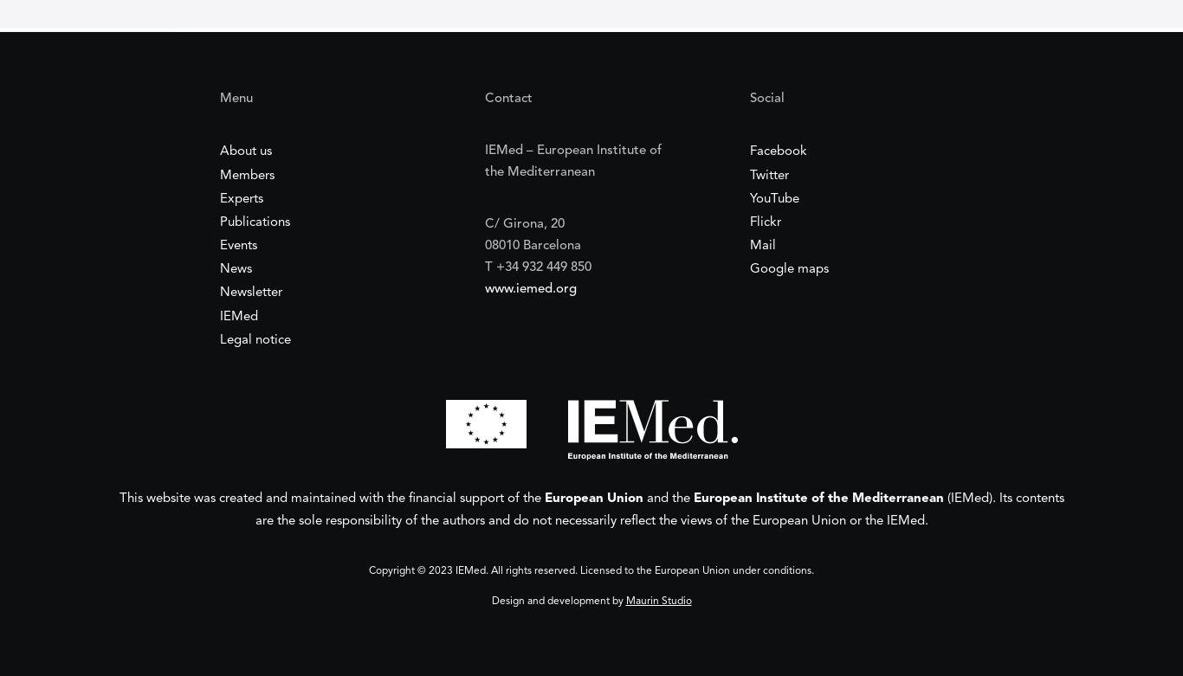 This screenshot has width=1183, height=676. What do you see at coordinates (761, 246) in the screenshot?
I see `'Mail'` at bounding box center [761, 246].